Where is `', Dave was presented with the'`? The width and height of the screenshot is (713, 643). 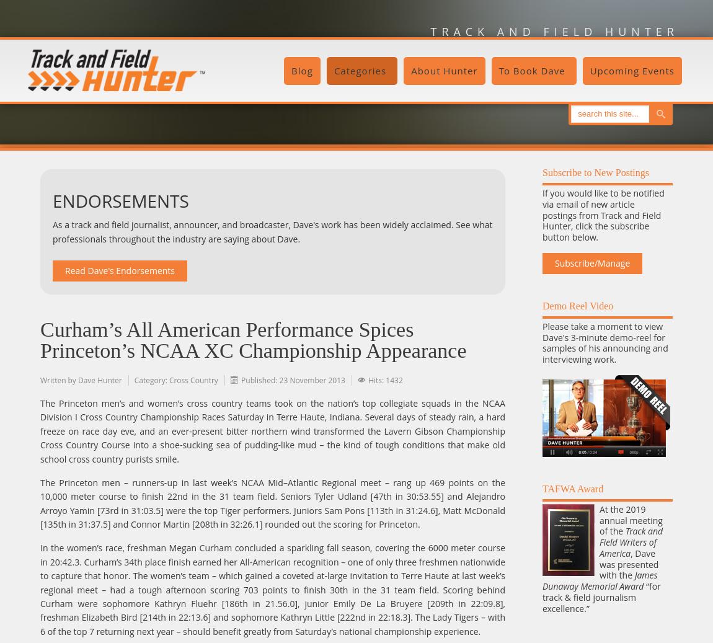
', Dave was presented with the' is located at coordinates (629, 564).